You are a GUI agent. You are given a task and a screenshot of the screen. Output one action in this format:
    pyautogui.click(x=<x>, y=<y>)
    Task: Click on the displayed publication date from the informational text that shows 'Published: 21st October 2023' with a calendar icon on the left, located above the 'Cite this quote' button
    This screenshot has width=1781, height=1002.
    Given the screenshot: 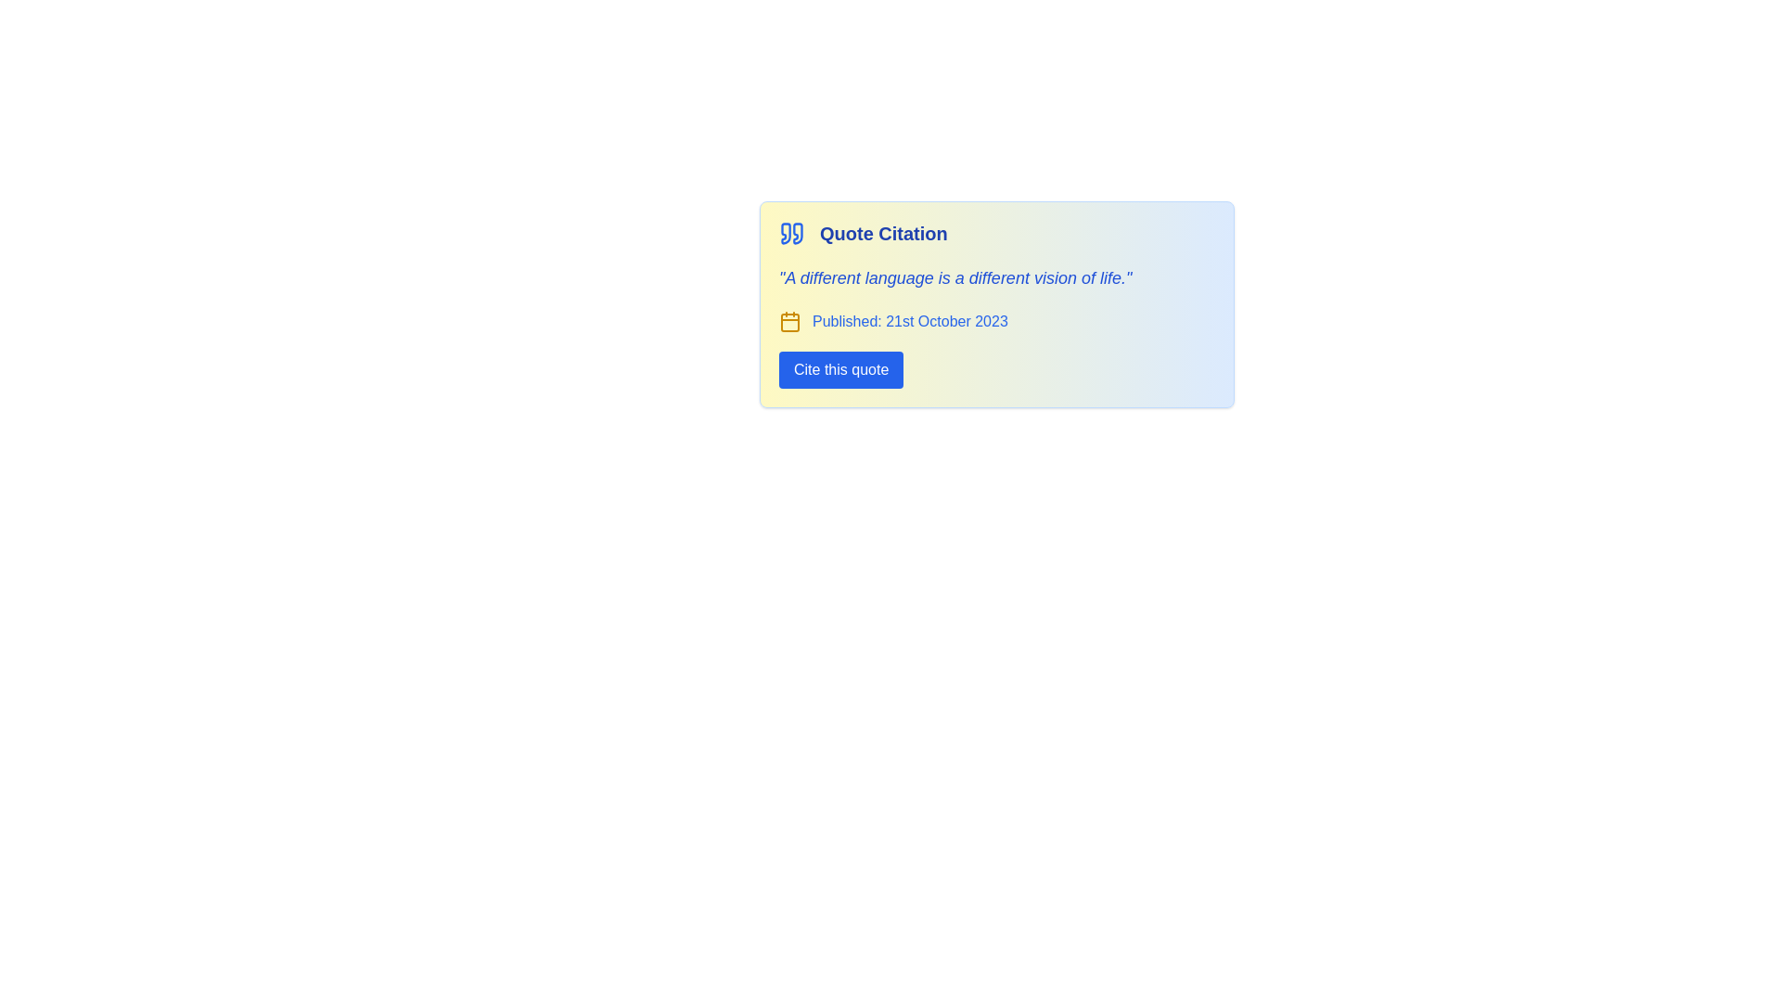 What is the action you would take?
    pyautogui.click(x=893, y=321)
    